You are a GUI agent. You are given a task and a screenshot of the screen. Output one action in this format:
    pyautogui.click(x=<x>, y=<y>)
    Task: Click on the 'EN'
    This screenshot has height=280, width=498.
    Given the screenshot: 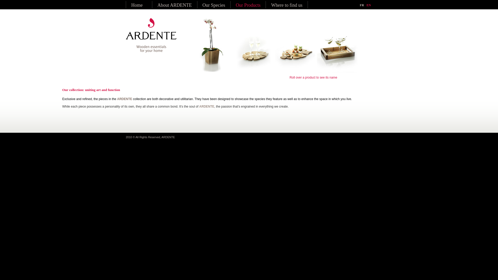 What is the action you would take?
    pyautogui.click(x=368, y=5)
    